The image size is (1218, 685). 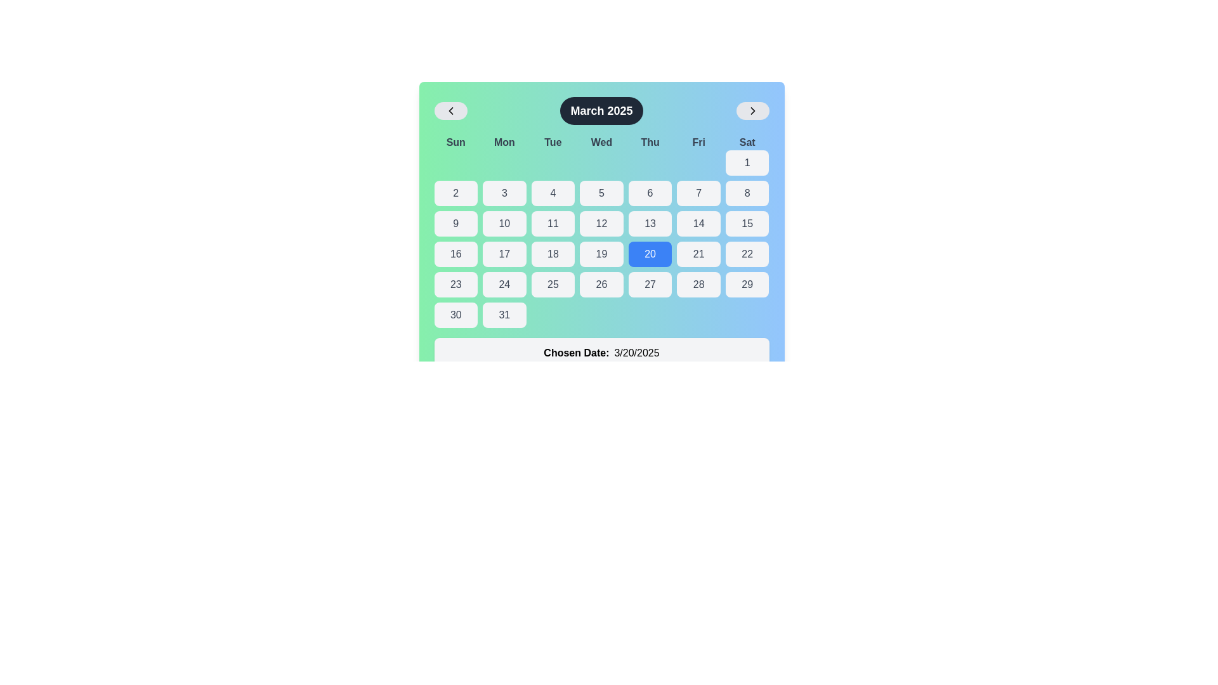 I want to click on the navigation icon button located in the top-right corner of the calendar interface to move to the next month, so click(x=752, y=110).